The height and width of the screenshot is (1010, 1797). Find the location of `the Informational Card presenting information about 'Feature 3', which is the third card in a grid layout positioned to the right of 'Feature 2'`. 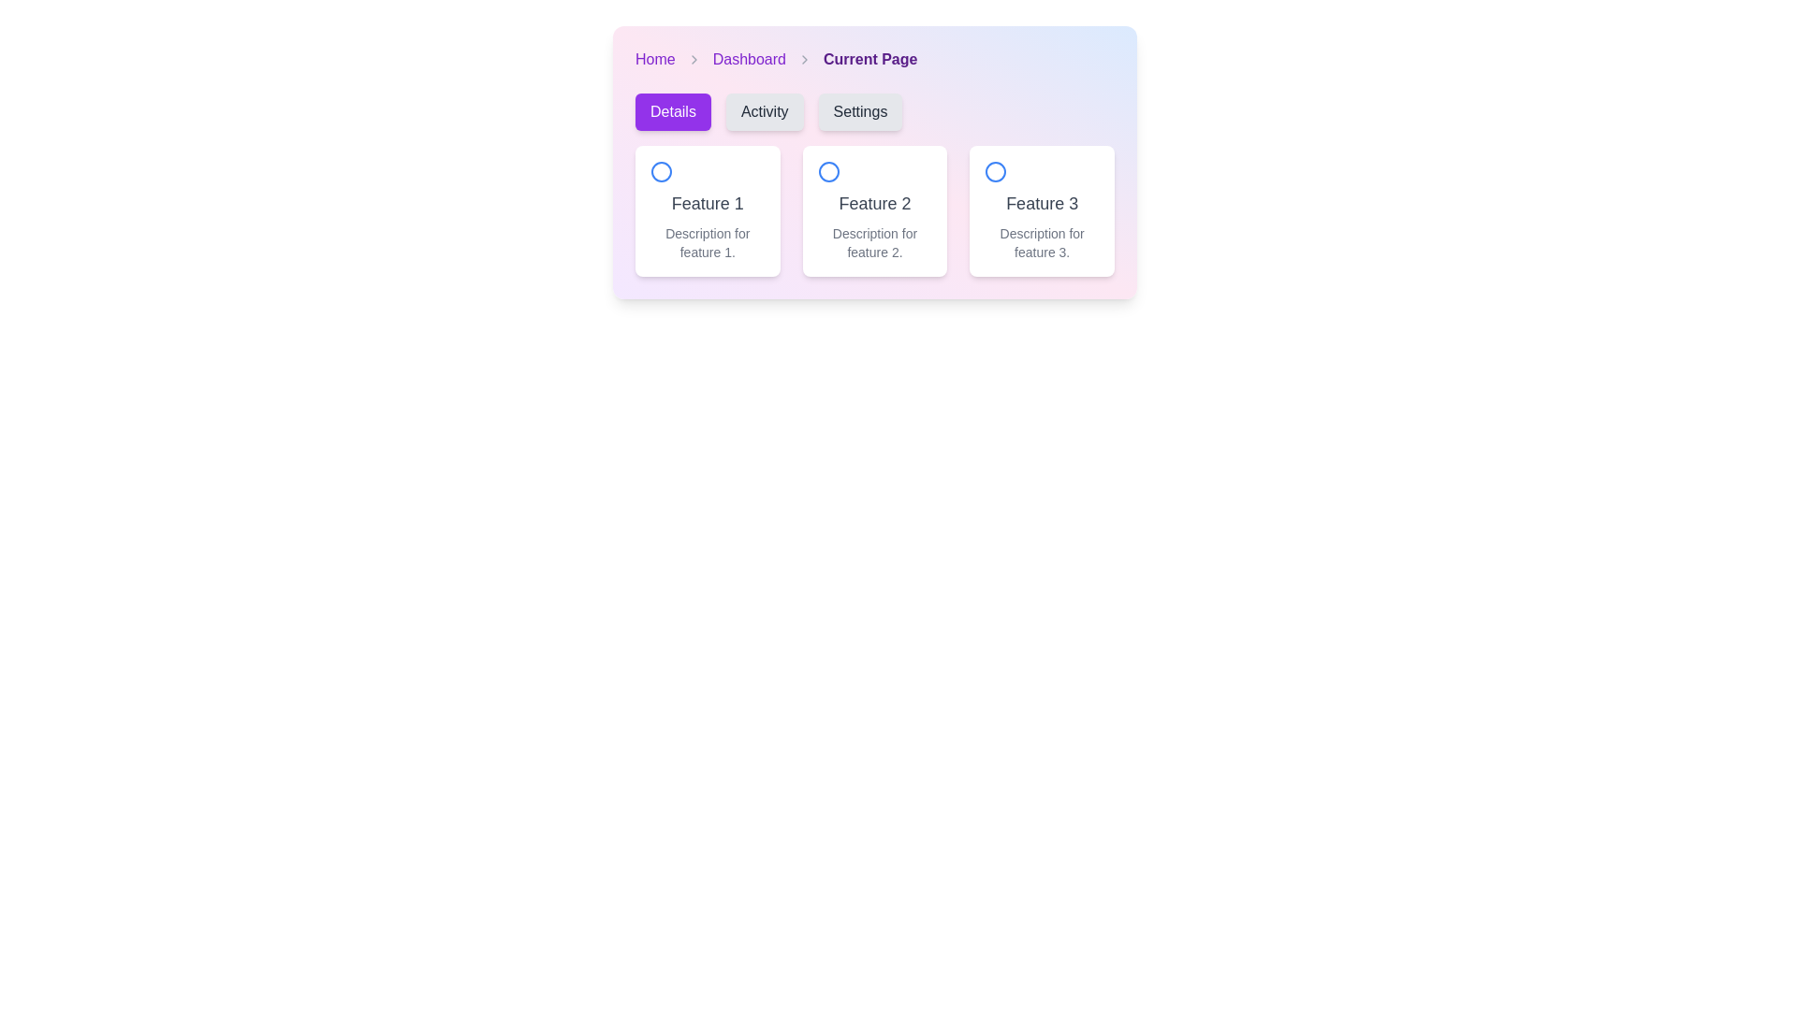

the Informational Card presenting information about 'Feature 3', which is the third card in a grid layout positioned to the right of 'Feature 2' is located at coordinates (1041, 210).